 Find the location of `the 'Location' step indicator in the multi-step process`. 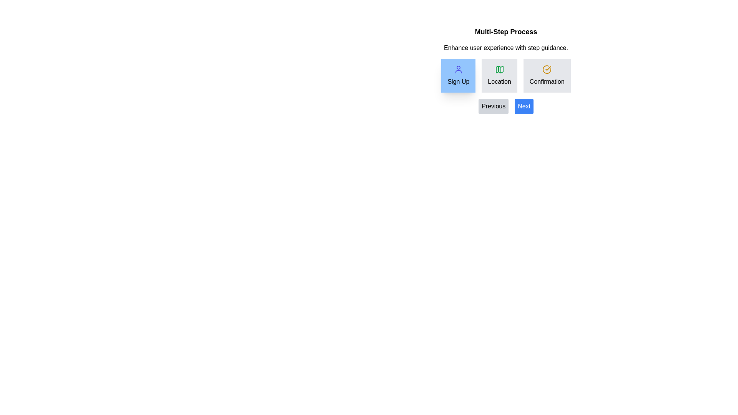

the 'Location' step indicator in the multi-step process is located at coordinates (506, 75).